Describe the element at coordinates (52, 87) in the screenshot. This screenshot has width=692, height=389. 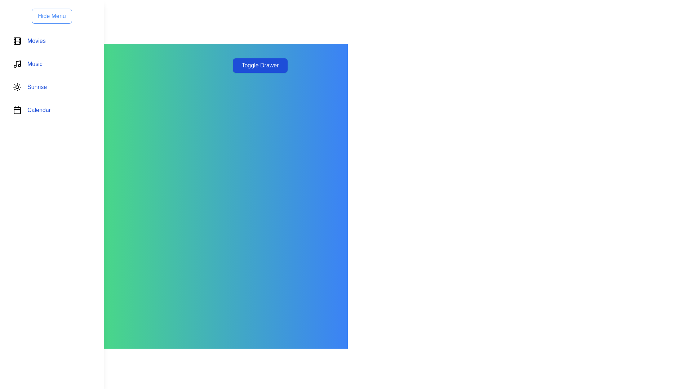
I see `the menu item labeled Sunrise to observe its hover effect` at that location.